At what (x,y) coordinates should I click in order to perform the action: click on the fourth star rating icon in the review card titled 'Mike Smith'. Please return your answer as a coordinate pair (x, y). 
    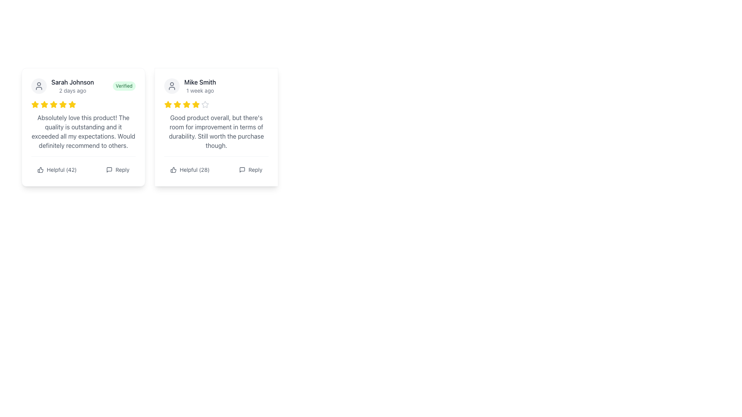
    Looking at the image, I should click on (196, 104).